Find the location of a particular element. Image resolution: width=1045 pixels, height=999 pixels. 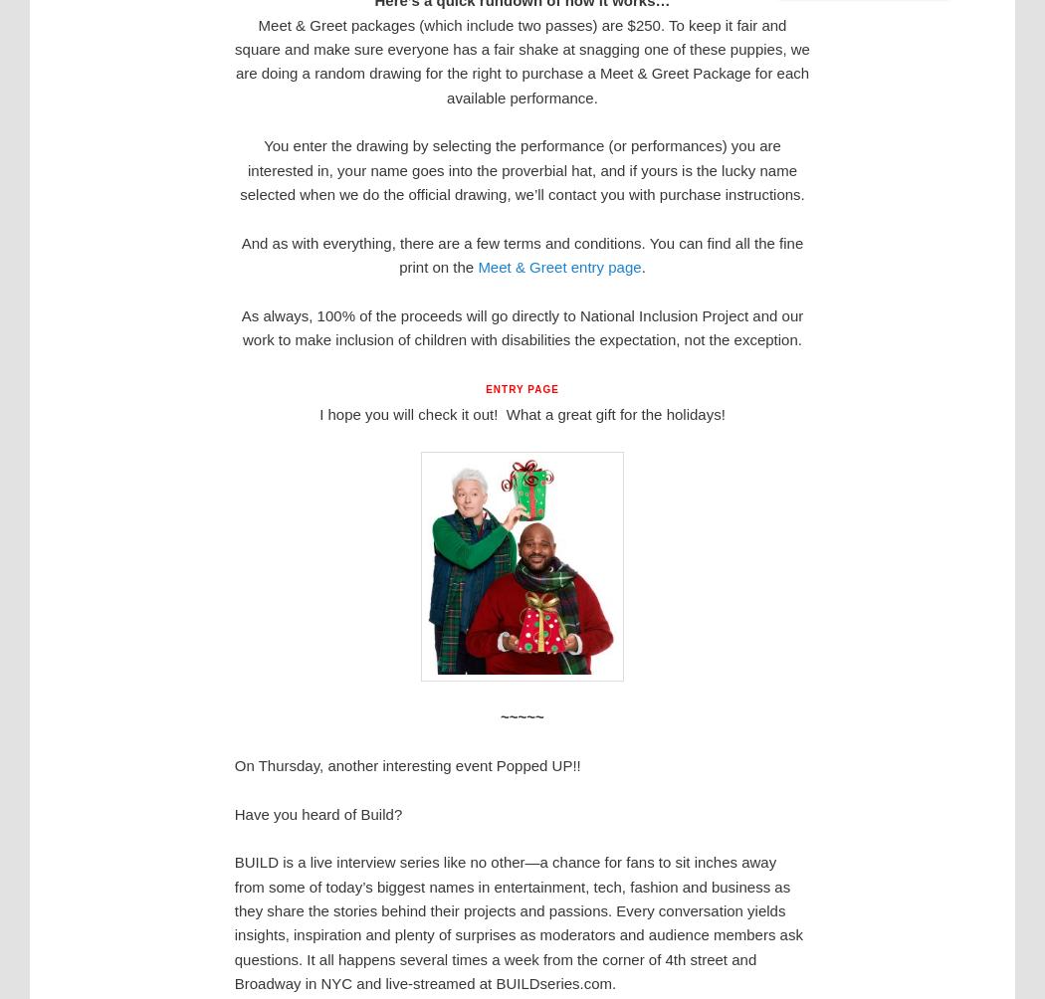

'Have you heard of Build?' is located at coordinates (317, 813).